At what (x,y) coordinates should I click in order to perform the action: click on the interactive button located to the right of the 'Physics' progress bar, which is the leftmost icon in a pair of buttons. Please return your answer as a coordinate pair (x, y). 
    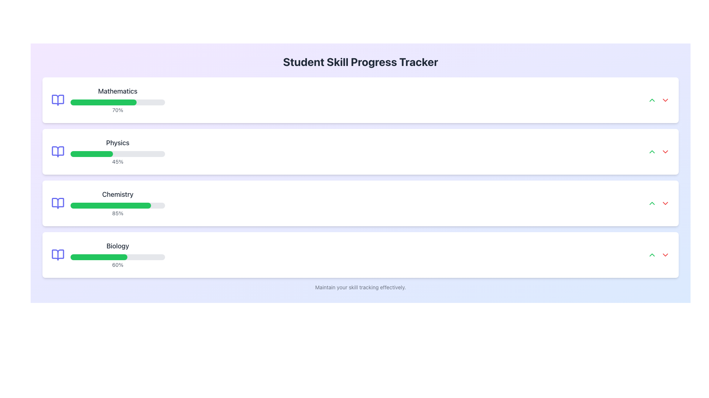
    Looking at the image, I should click on (652, 151).